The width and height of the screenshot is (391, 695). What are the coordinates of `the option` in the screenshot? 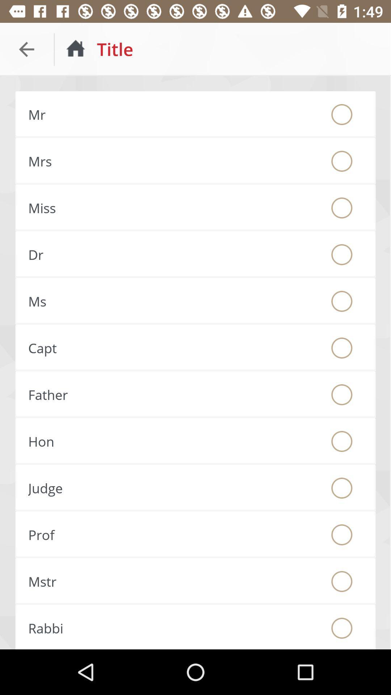 It's located at (342, 207).